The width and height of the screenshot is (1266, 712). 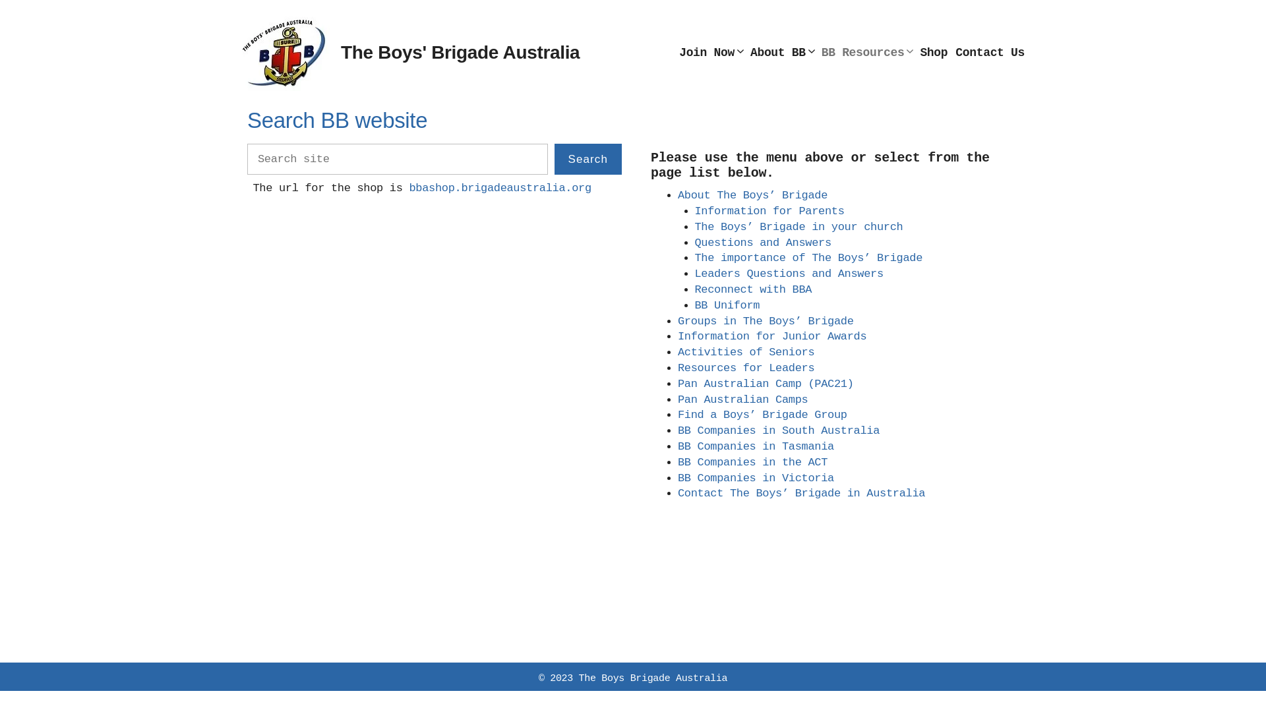 I want to click on 'BB Companies in Victoria', so click(x=756, y=478).